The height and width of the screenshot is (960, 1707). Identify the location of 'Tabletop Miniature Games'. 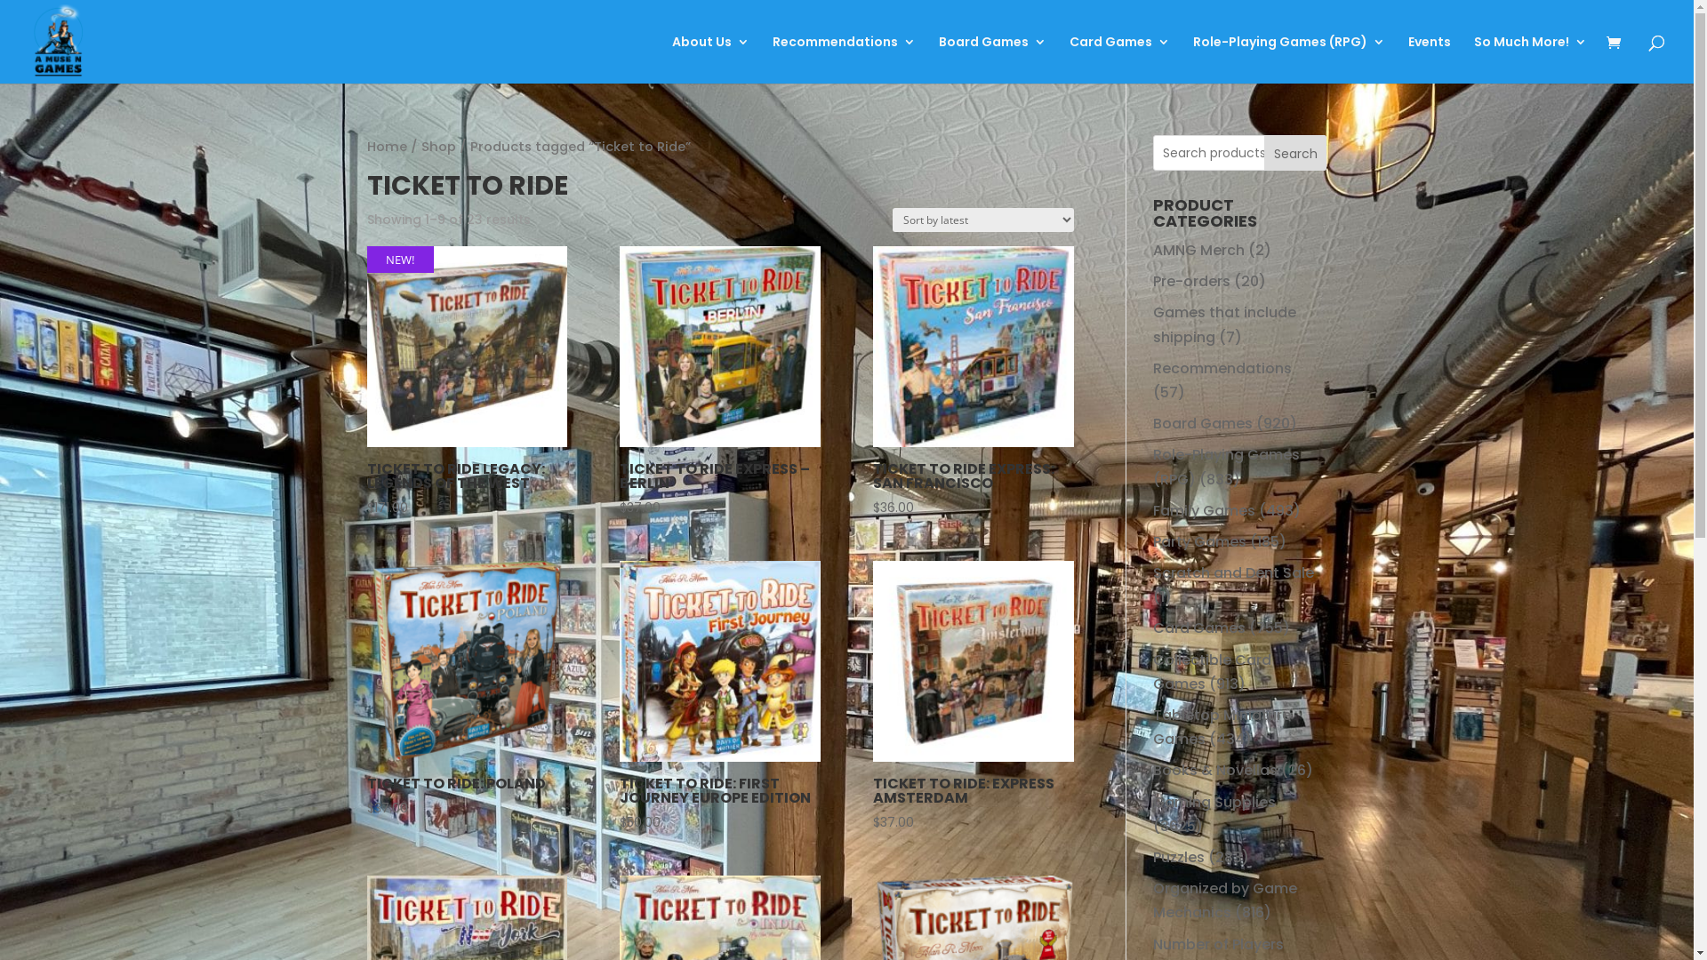
(1221, 726).